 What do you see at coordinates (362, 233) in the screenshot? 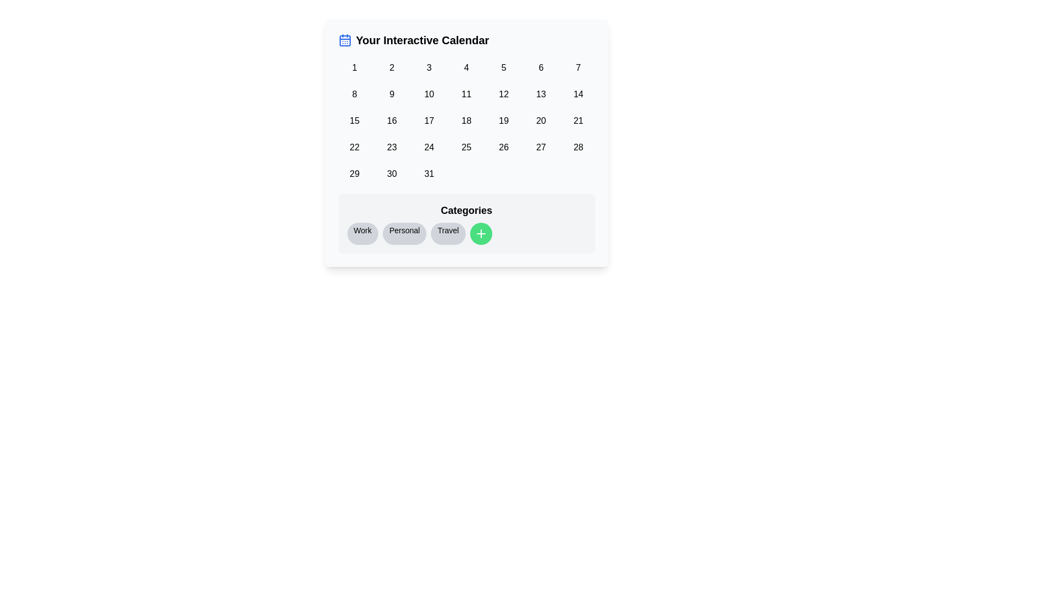
I see `the 'Work' label in the Categories section, which is the first item in a horizontal row of category buttons, located left of the 'Personal' and 'Travel' buttons and a green round button with a plus icon` at bounding box center [362, 233].